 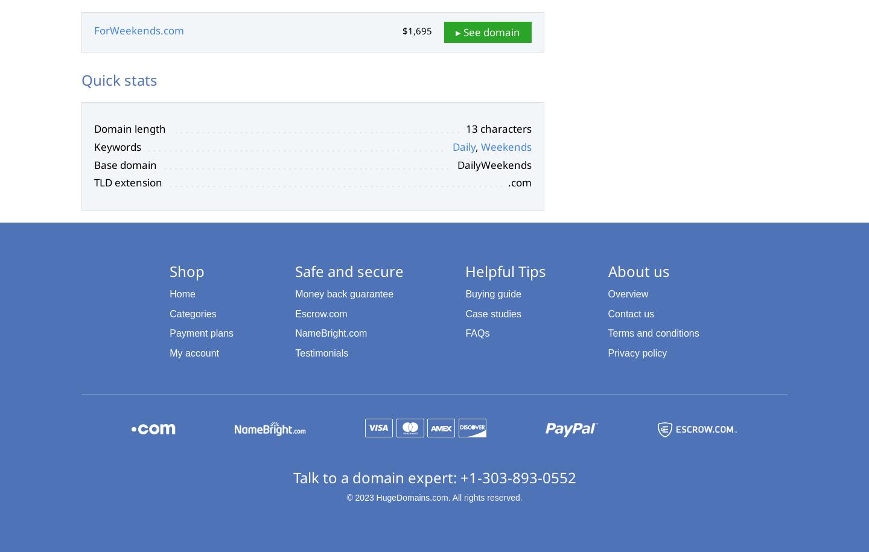 I want to click on 'Case studies', so click(x=464, y=313).